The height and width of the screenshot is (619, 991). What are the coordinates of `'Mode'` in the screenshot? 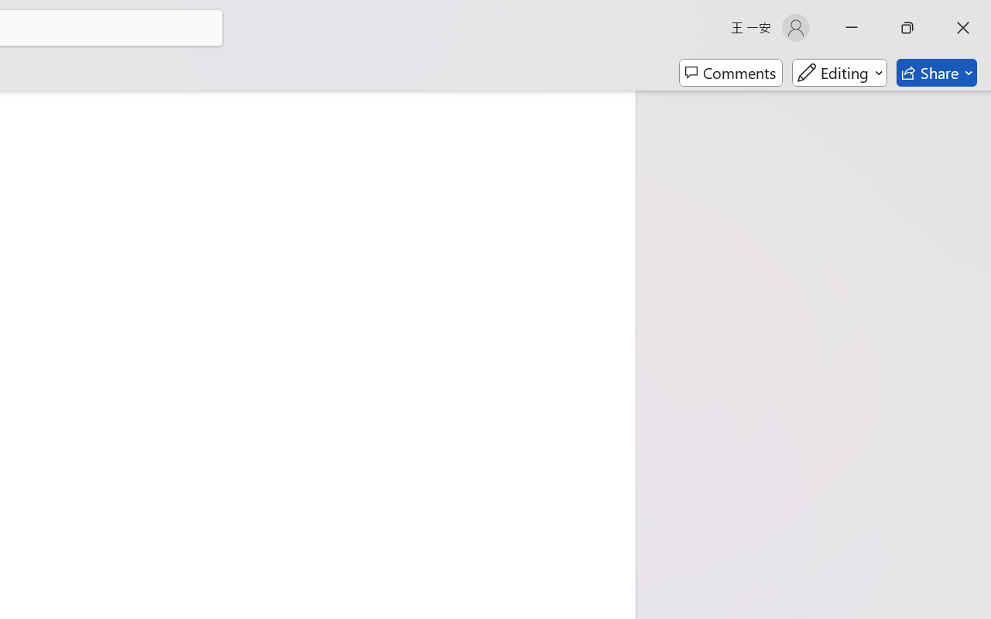 It's located at (838, 73).